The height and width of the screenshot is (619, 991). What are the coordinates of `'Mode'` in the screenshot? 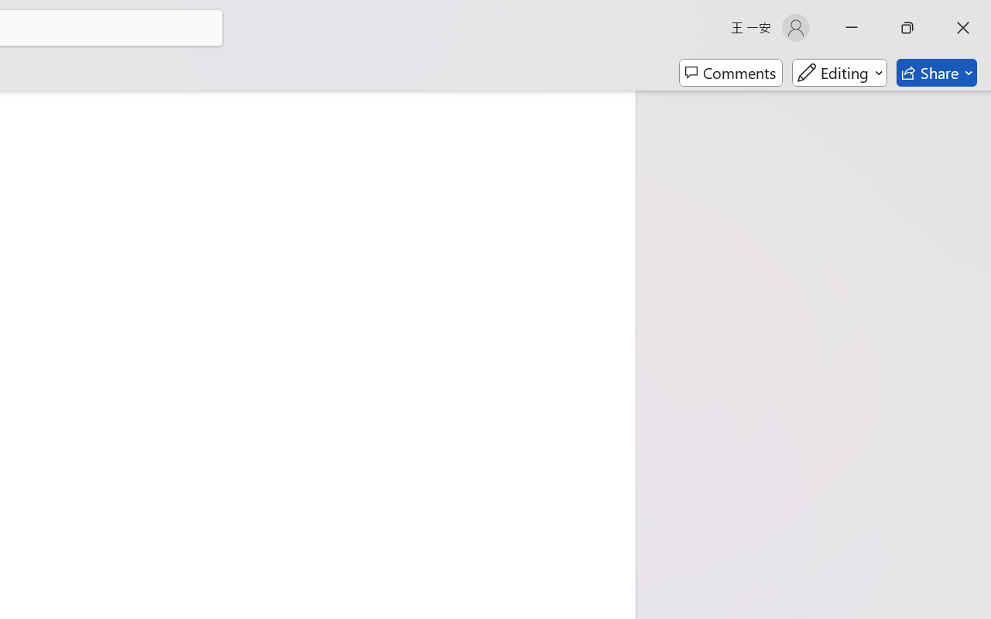 It's located at (838, 73).